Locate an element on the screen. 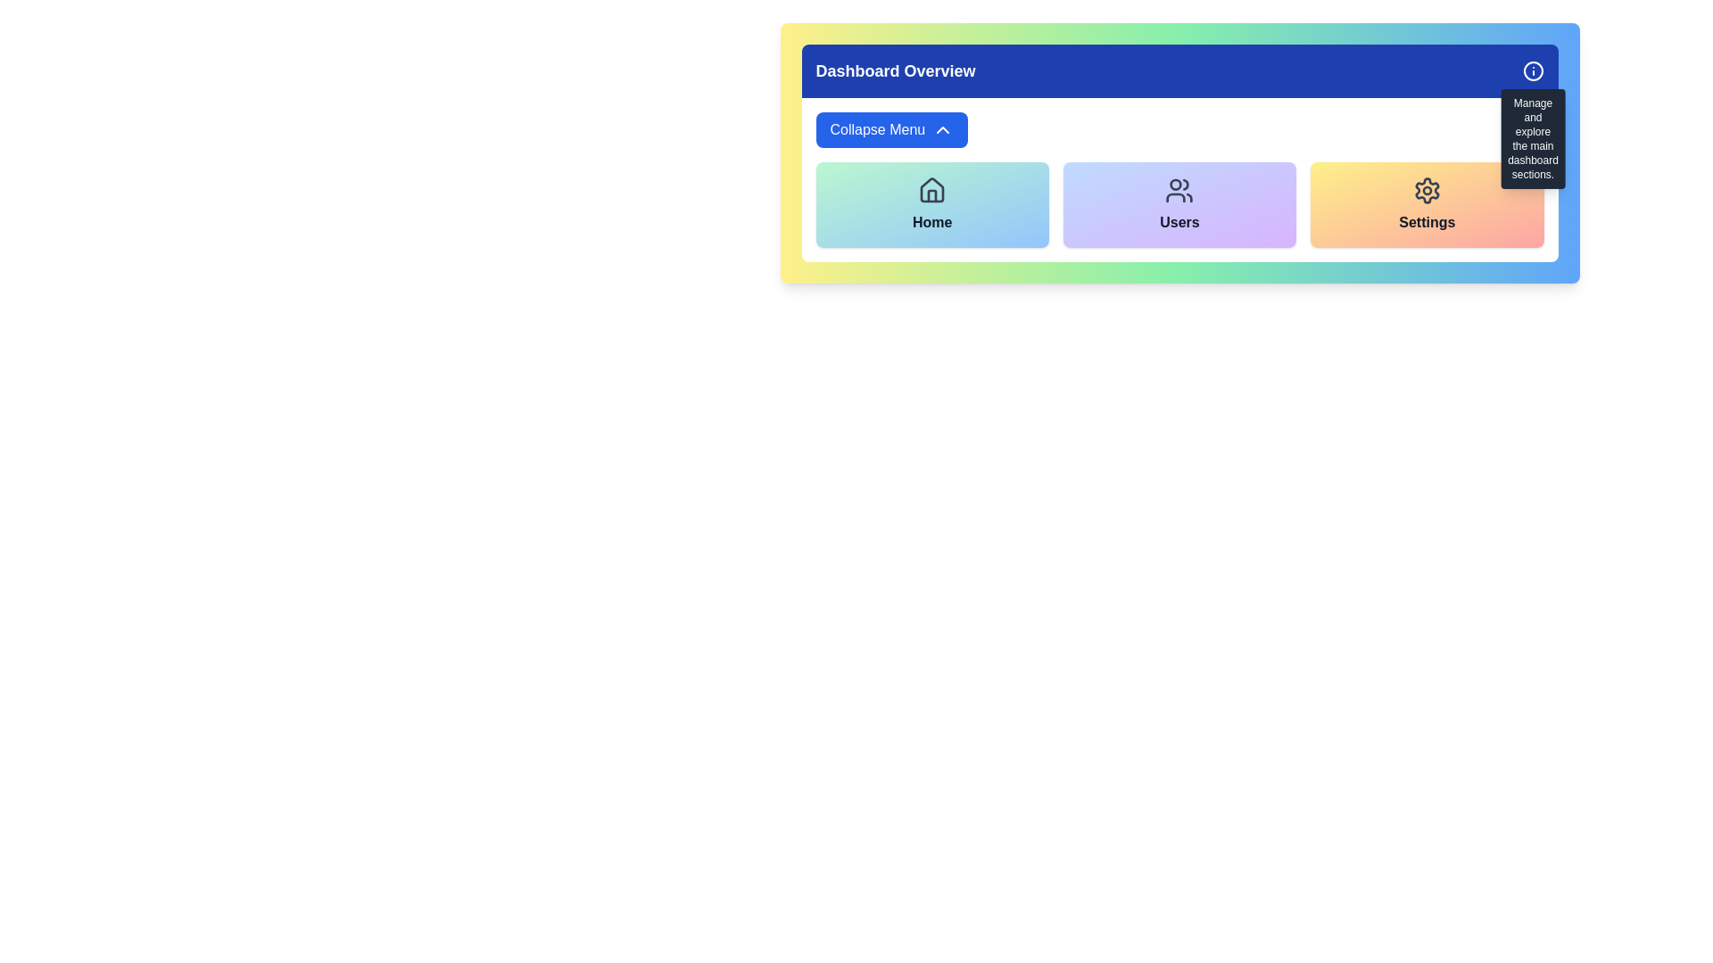 This screenshot has height=963, width=1713. the 'Home' navigation button is located at coordinates (931, 204).